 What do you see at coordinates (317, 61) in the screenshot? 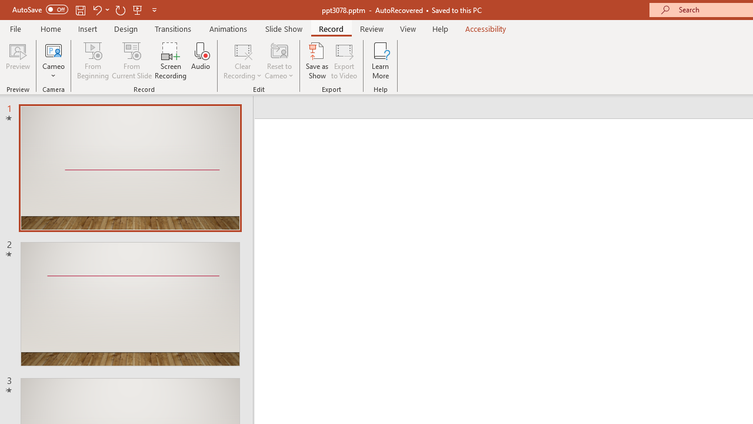
I see `'Save as Show'` at bounding box center [317, 61].